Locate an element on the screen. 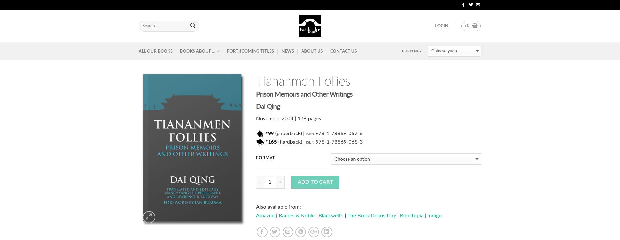 The image size is (620, 240). '(hardback) |' is located at coordinates (291, 141).